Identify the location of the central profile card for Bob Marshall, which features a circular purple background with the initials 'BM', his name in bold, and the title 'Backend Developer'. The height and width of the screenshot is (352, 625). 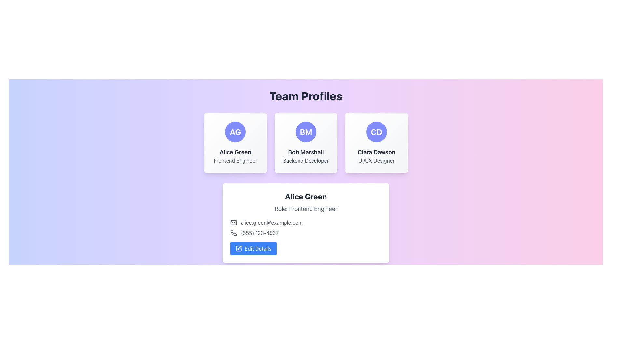
(306, 143).